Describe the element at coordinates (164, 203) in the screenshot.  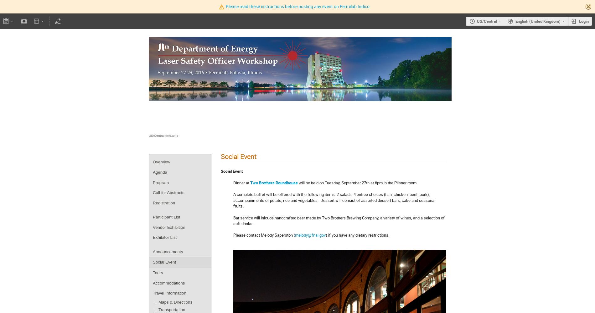
I see `'Registration'` at that location.